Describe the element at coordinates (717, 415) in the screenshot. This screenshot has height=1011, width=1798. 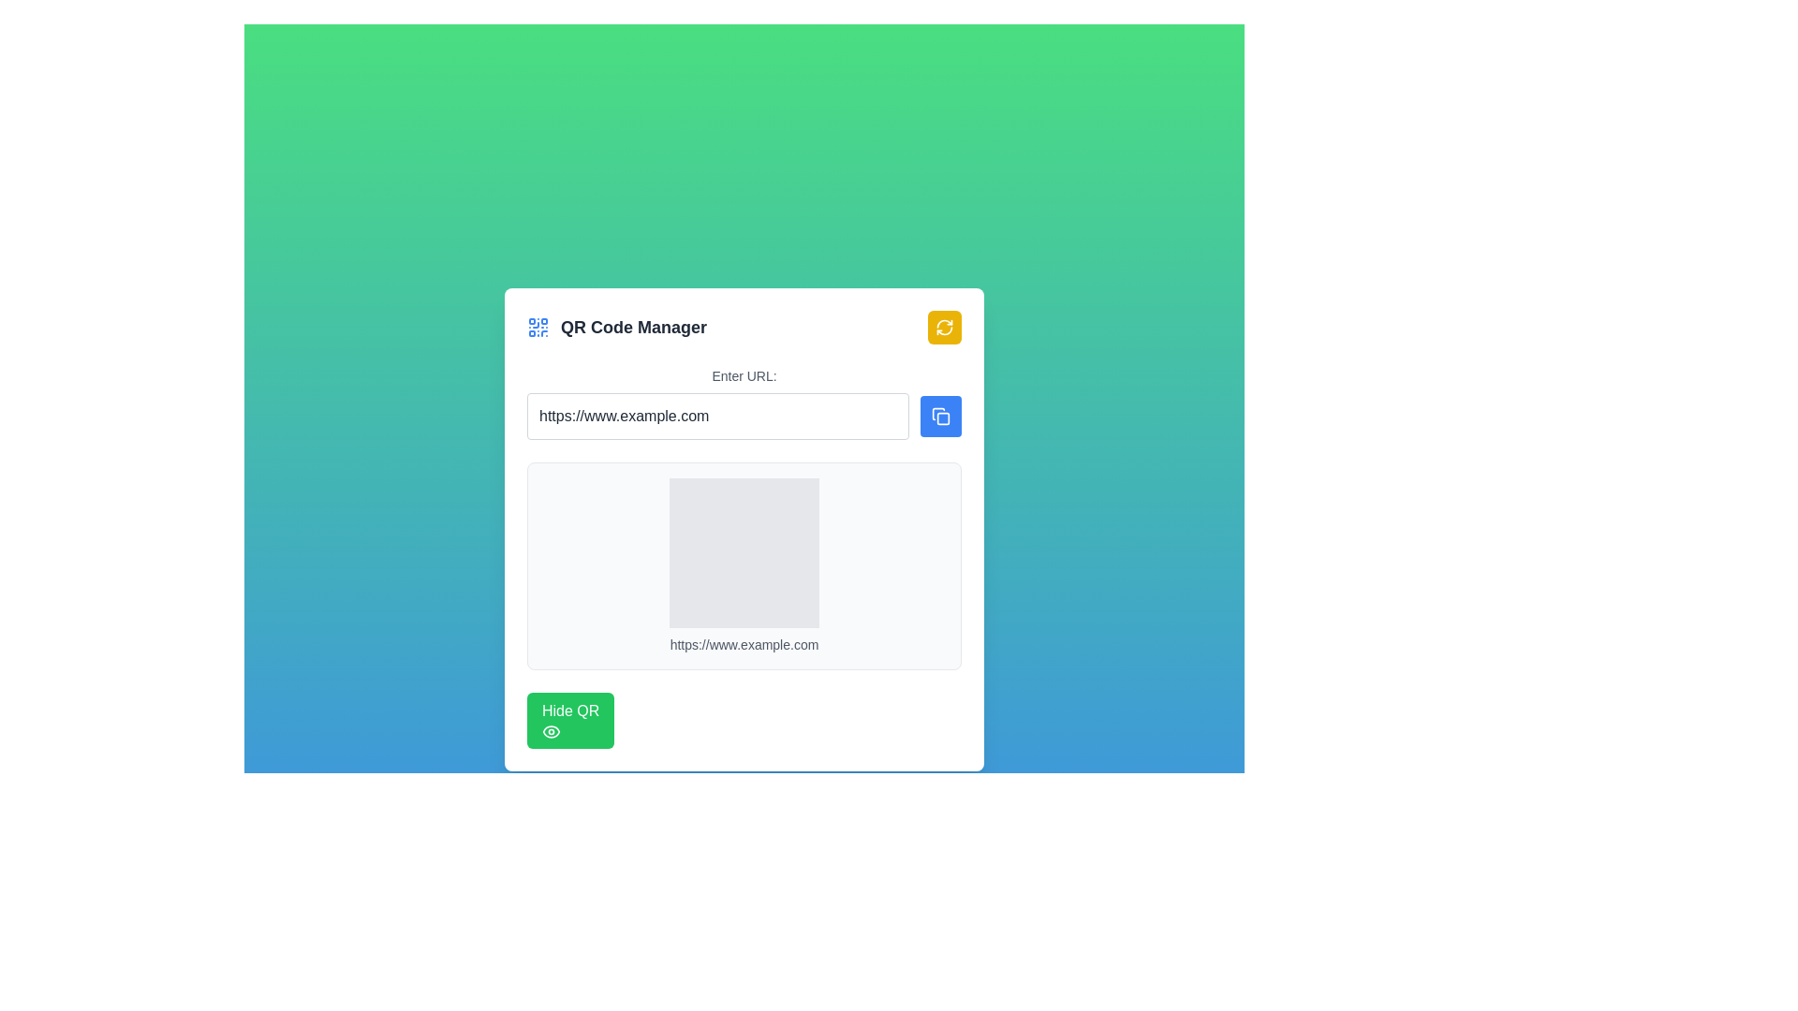
I see `the URL input box located` at that location.